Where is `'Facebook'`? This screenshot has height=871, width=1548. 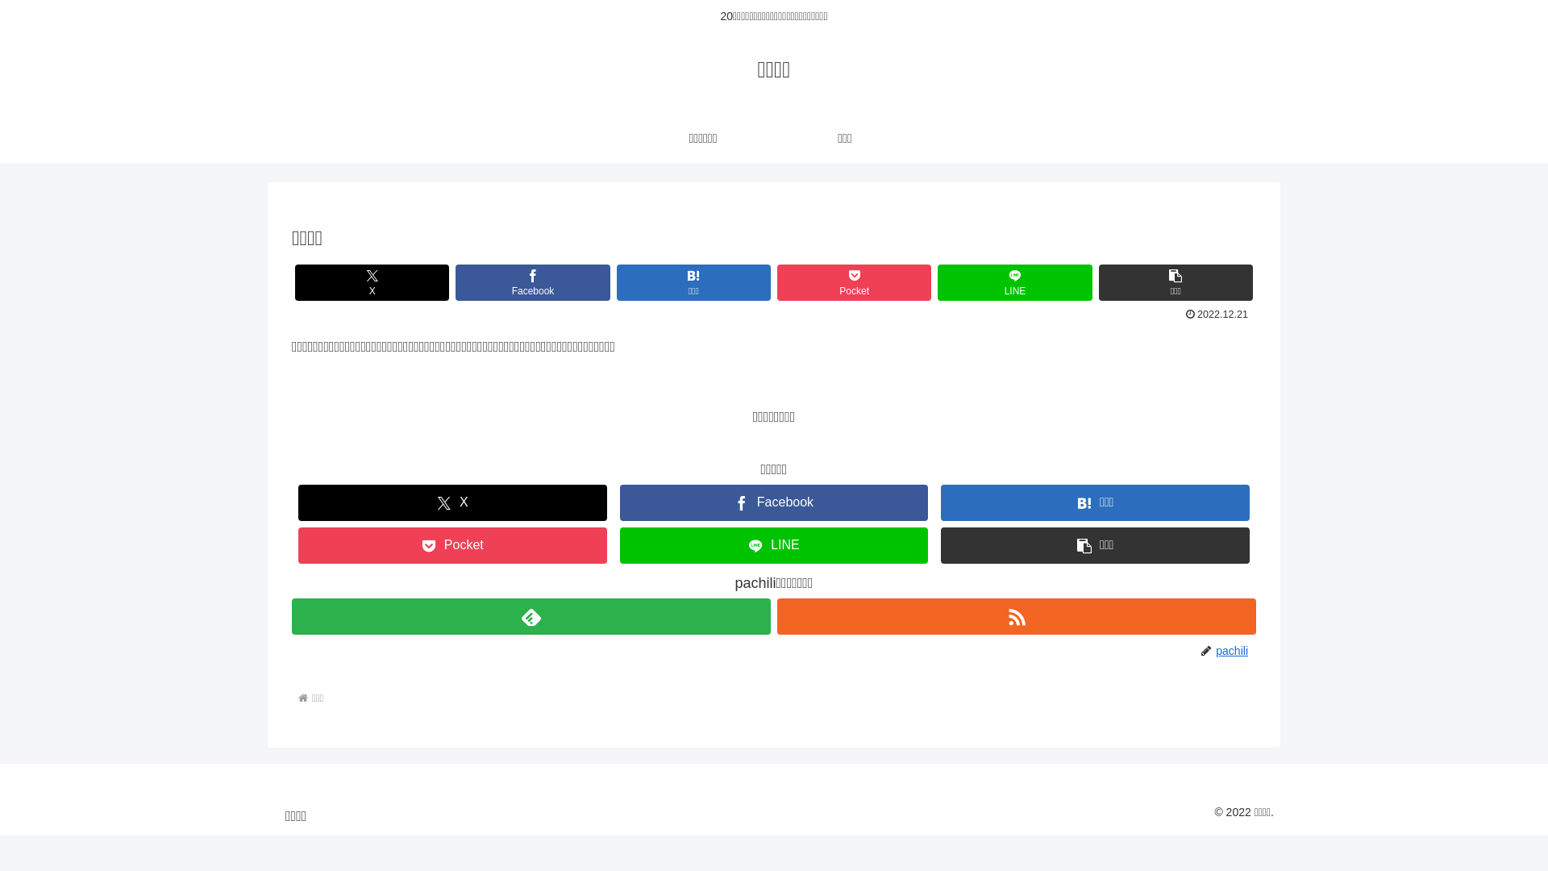
'Facebook' is located at coordinates (532, 281).